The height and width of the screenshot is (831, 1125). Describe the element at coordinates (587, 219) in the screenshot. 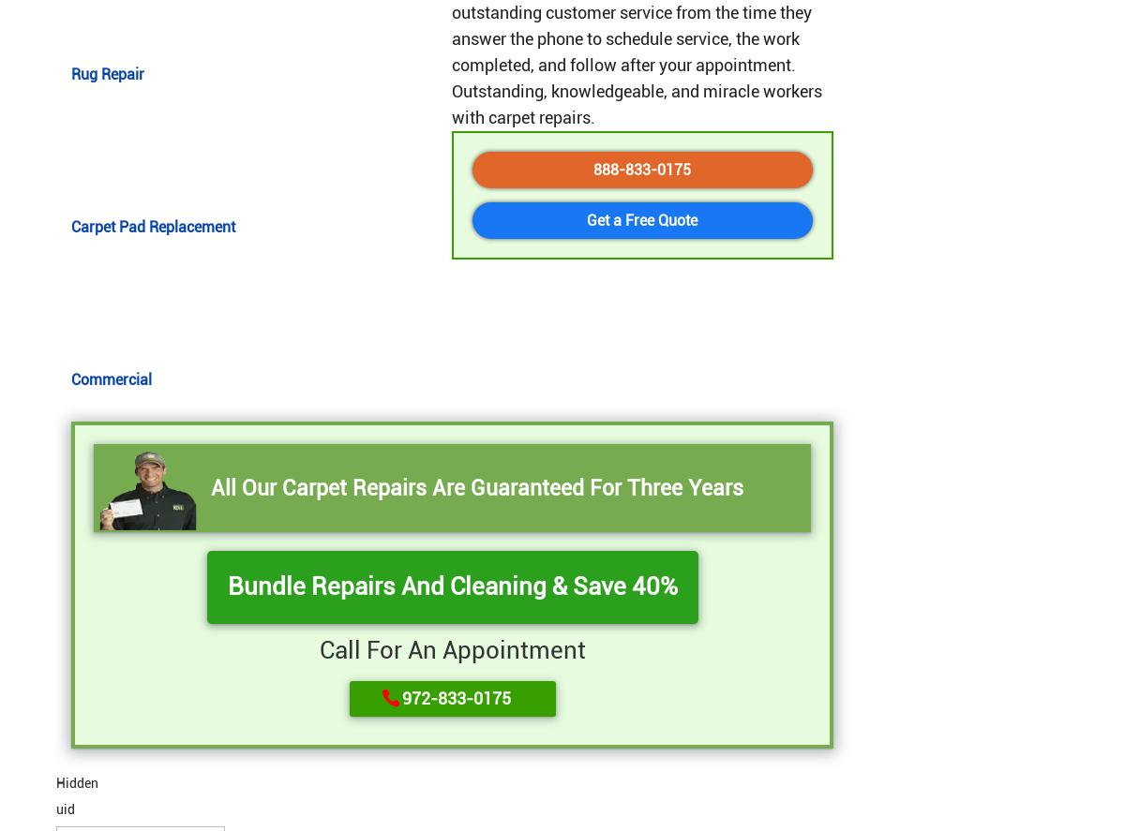

I see `'Get a Free Quote'` at that location.